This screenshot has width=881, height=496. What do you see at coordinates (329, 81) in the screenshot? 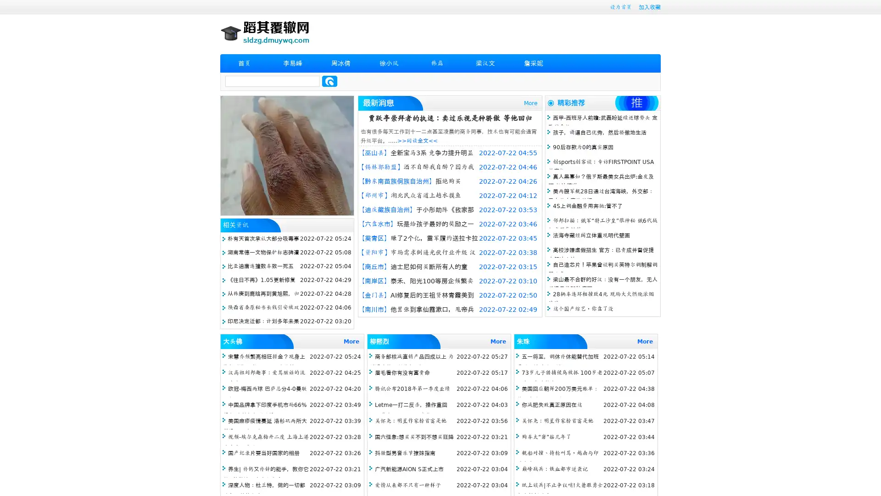
I see `Search` at bounding box center [329, 81].